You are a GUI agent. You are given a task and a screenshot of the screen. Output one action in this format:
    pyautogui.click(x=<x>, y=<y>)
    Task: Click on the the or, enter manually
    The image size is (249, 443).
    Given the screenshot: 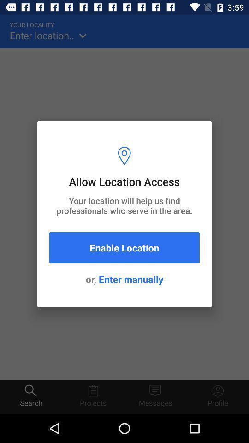 What is the action you would take?
    pyautogui.click(x=125, y=279)
    